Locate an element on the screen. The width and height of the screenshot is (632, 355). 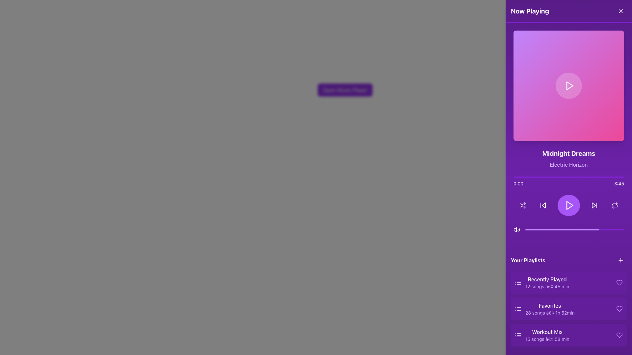
media playback progress is located at coordinates (569, 229).